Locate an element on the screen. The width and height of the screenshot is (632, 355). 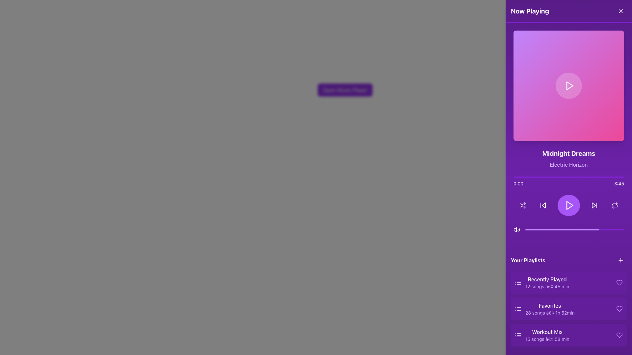
media playback progress is located at coordinates (569, 229).